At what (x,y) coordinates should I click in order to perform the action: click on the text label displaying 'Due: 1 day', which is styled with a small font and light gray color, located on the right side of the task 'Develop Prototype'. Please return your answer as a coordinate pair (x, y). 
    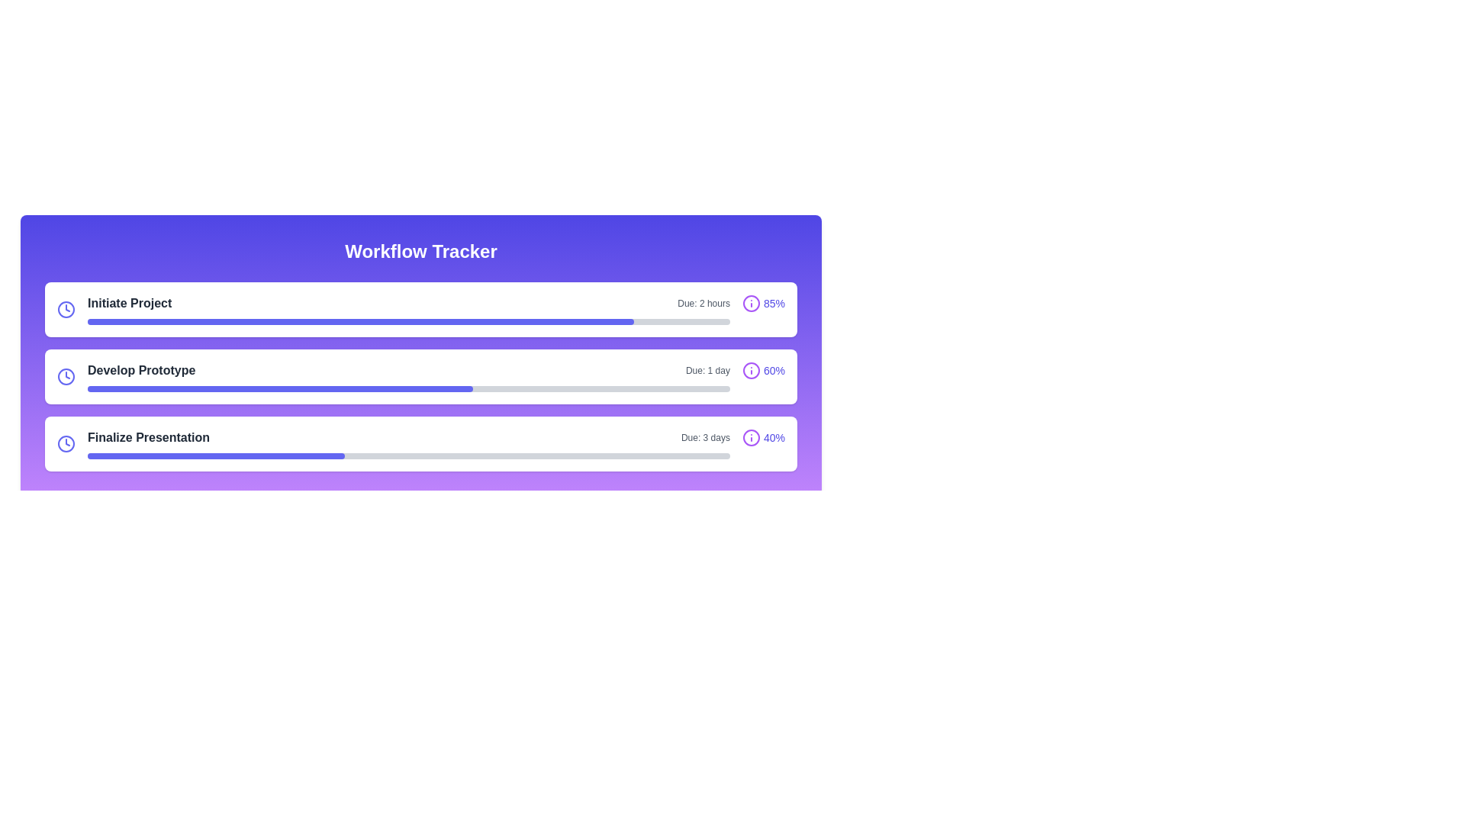
    Looking at the image, I should click on (707, 371).